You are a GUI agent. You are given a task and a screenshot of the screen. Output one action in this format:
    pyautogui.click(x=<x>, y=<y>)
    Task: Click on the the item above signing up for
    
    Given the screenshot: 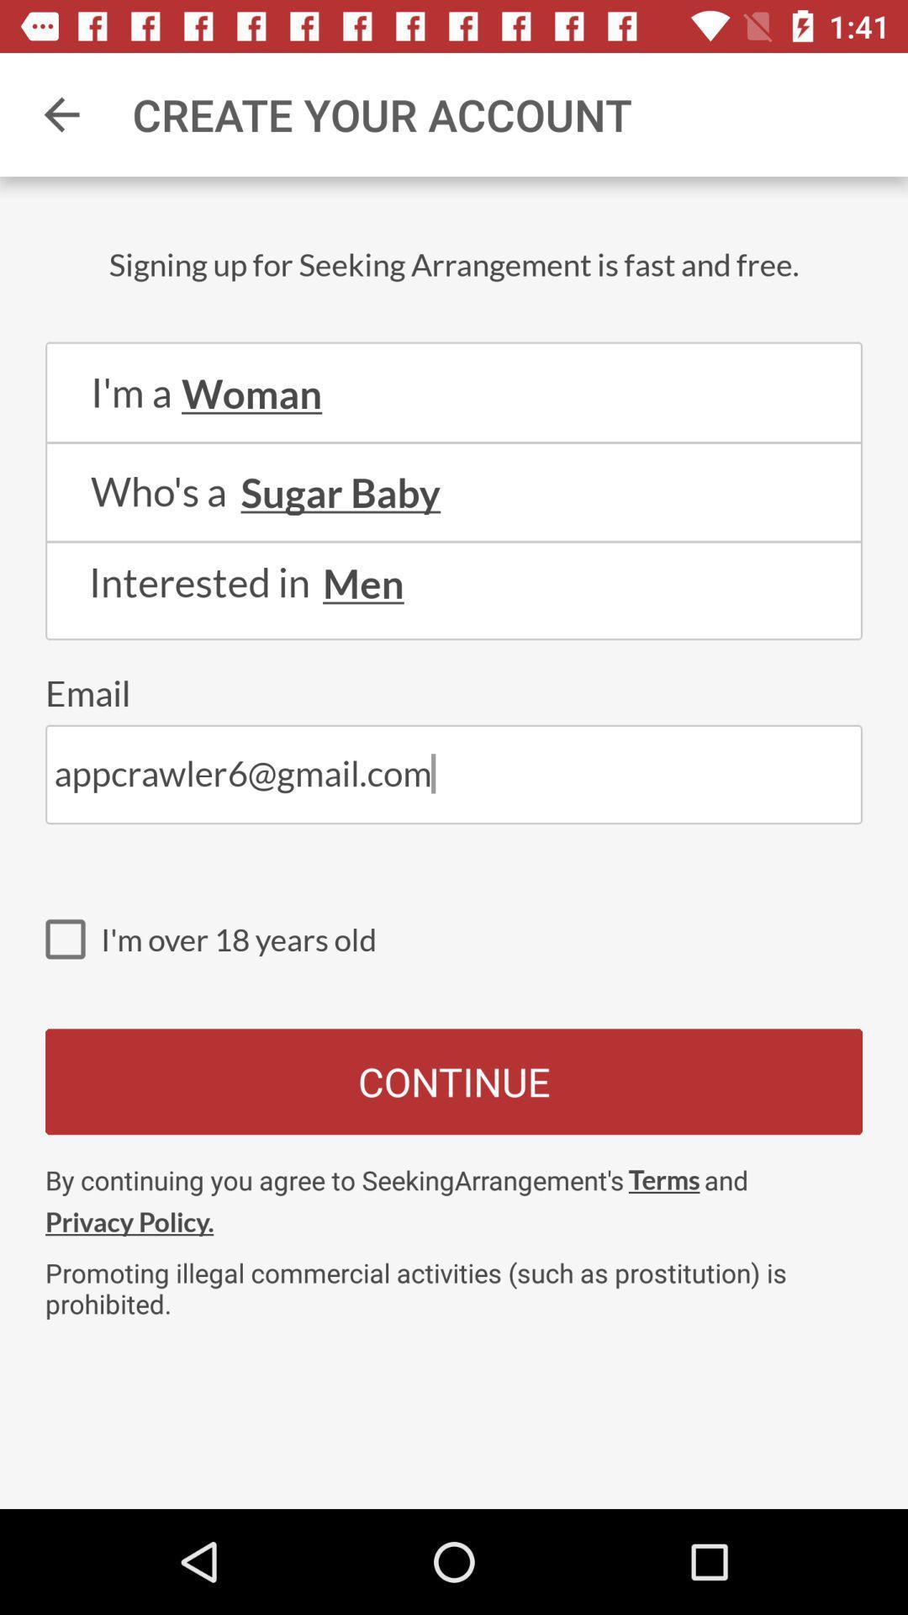 What is the action you would take?
    pyautogui.click(x=61, y=114)
    